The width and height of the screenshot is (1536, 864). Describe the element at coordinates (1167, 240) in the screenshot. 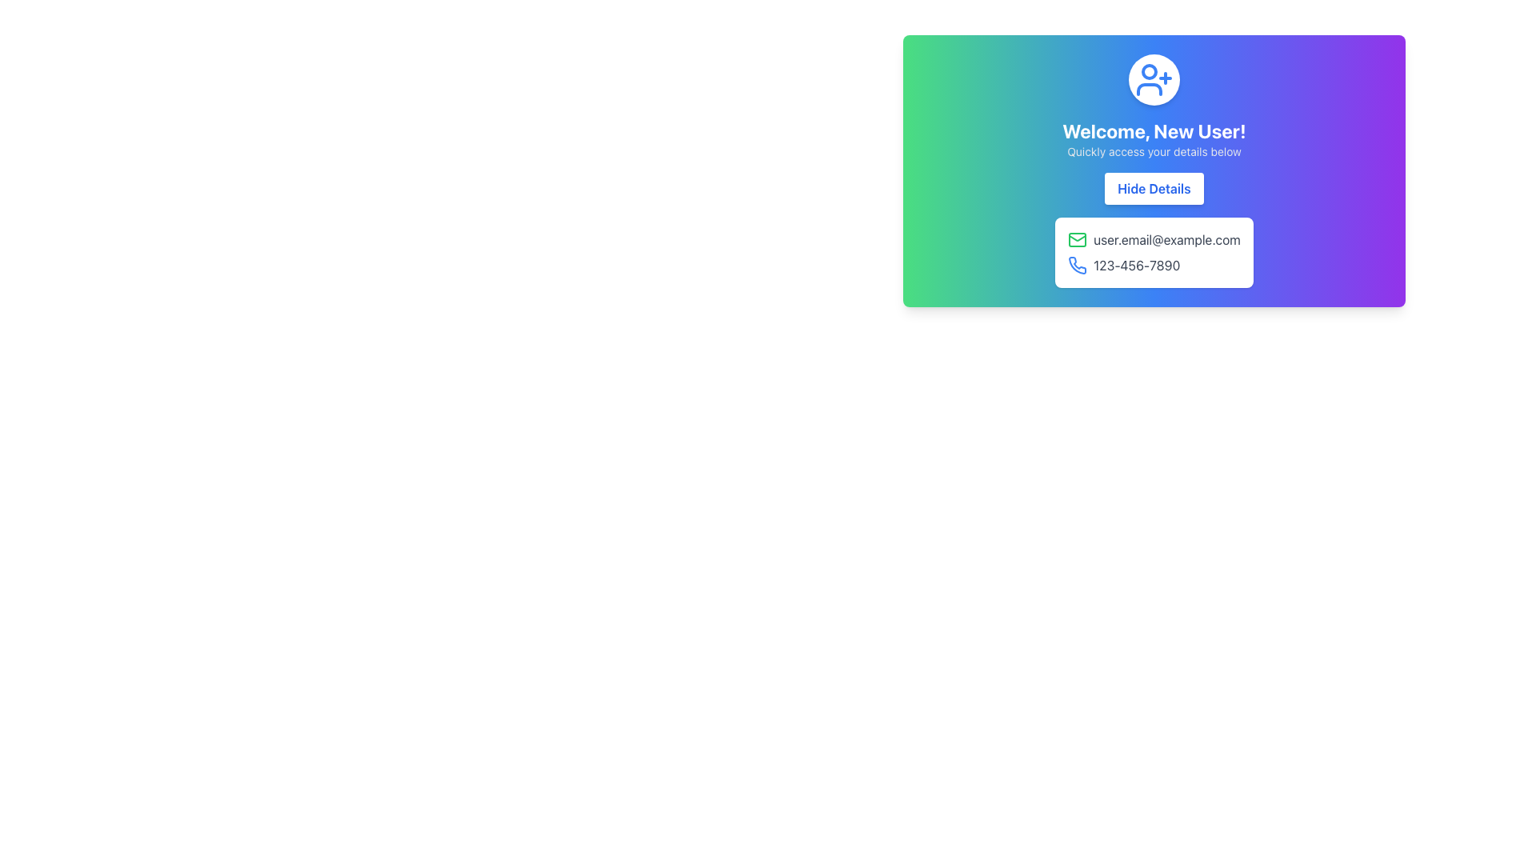

I see `the email address text label located to the right of the green email icon within the white rounded rectangle card` at that location.